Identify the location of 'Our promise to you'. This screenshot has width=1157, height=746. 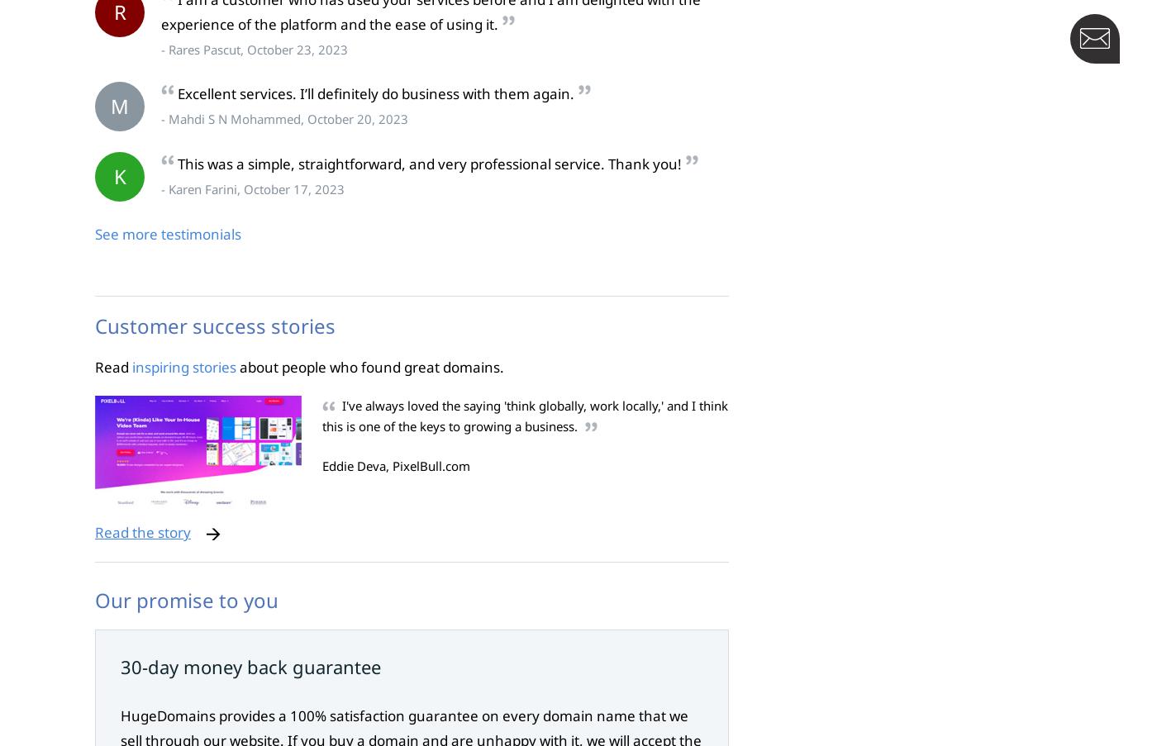
(186, 600).